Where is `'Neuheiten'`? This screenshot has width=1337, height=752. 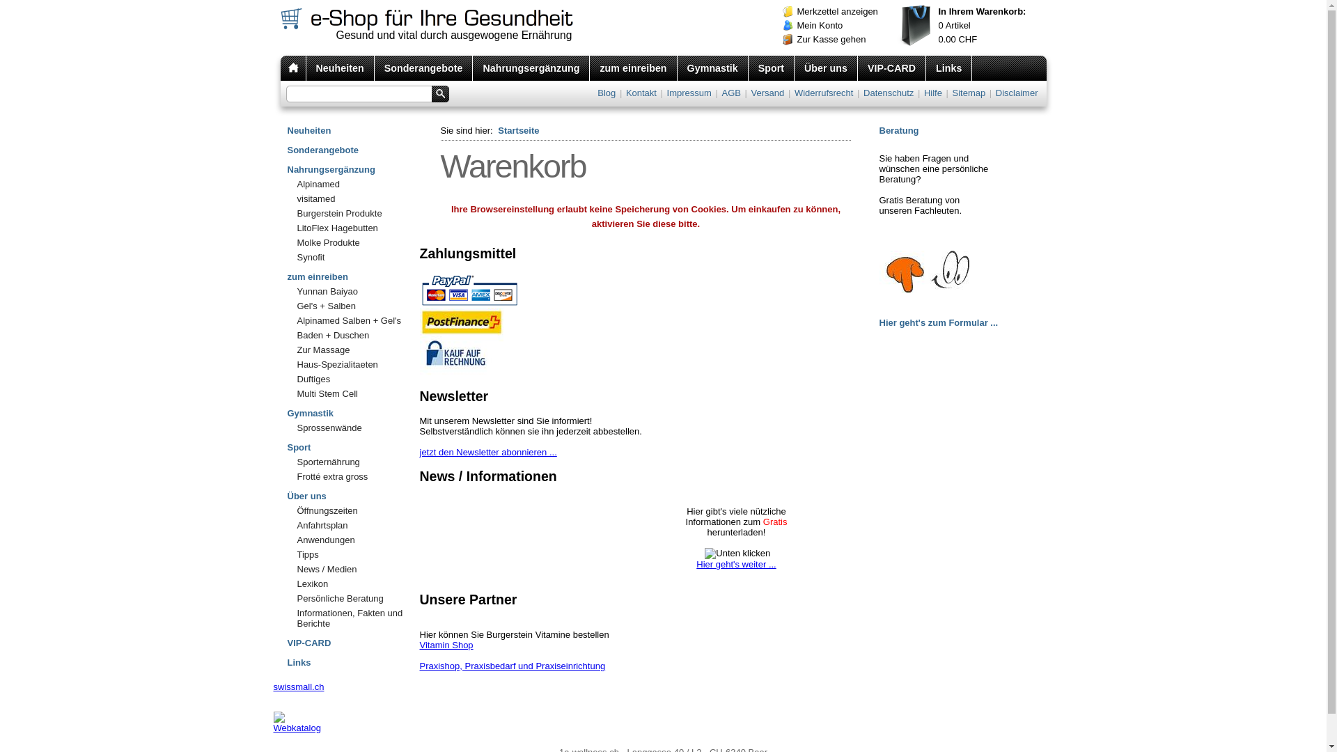 'Neuheiten' is located at coordinates (341, 68).